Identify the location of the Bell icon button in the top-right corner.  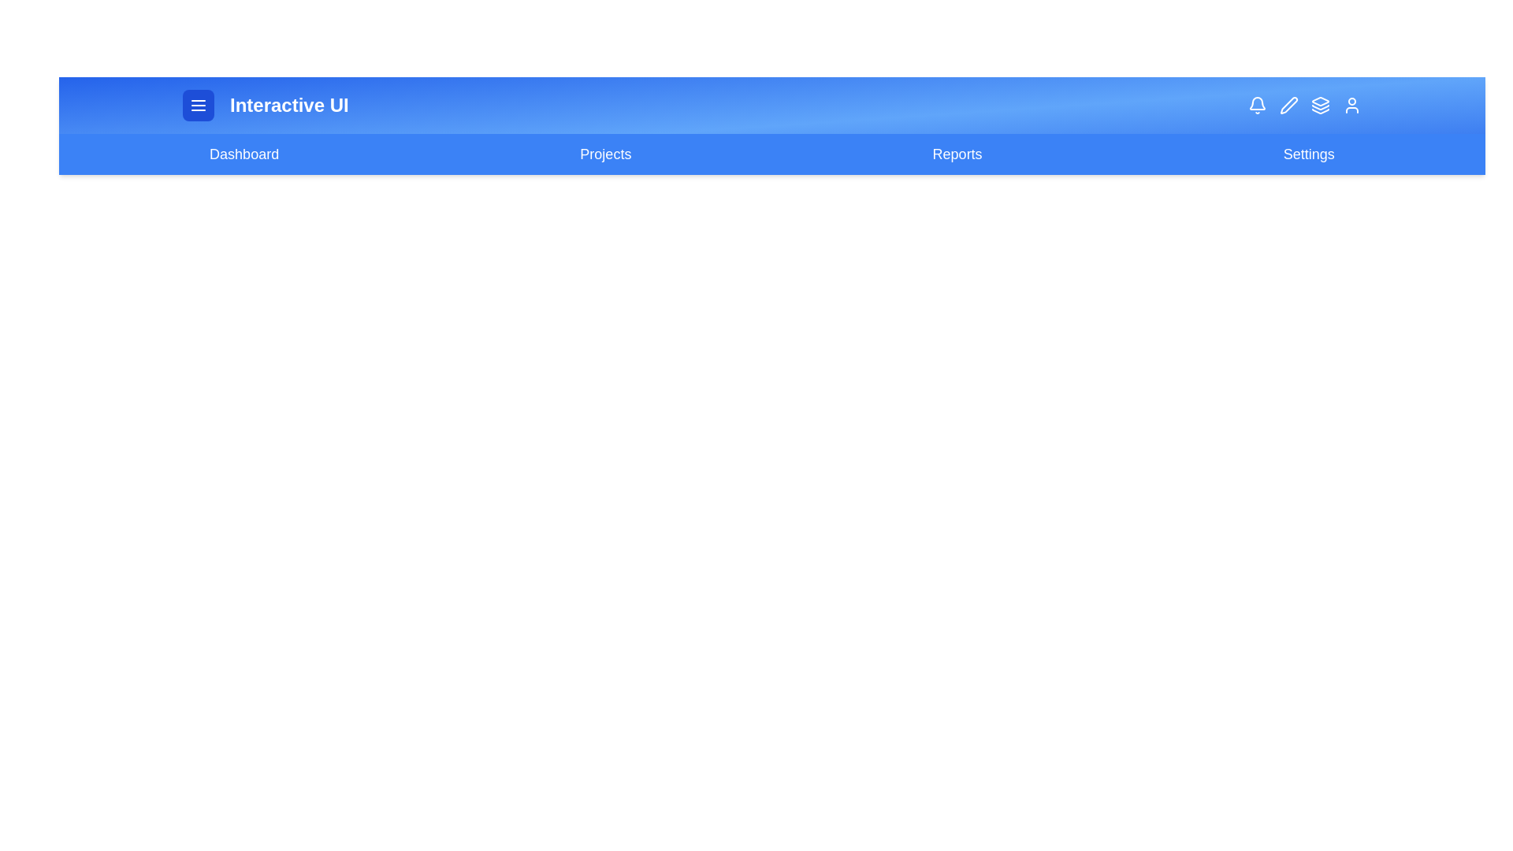
(1257, 106).